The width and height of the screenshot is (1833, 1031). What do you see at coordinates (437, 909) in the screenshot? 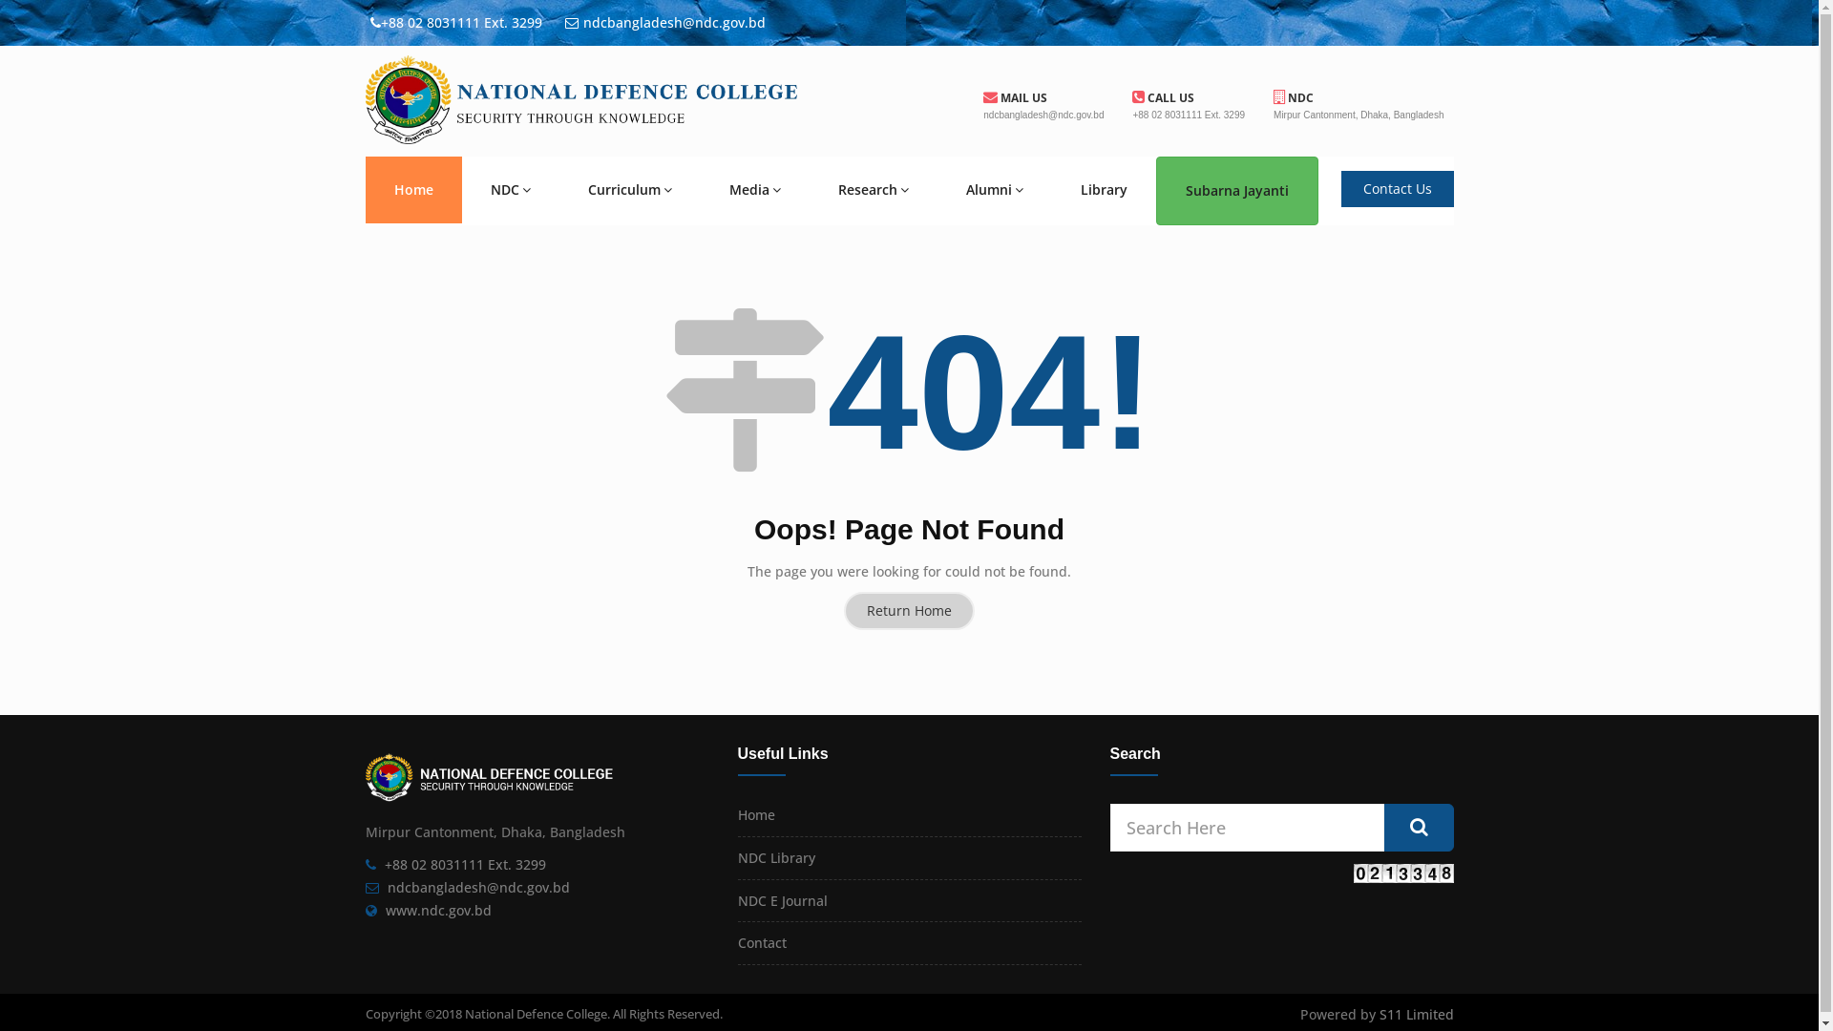
I see `'www.ndc.gov.bd'` at bounding box center [437, 909].